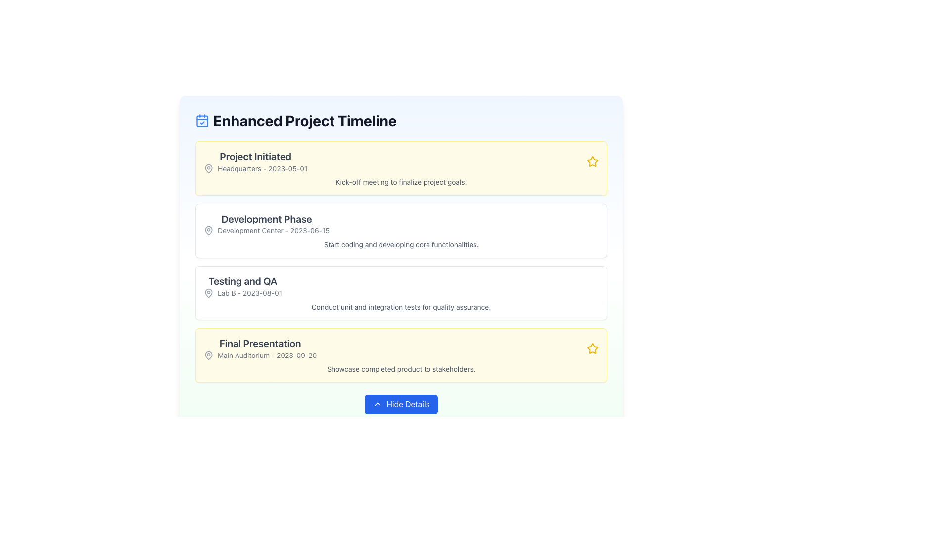 This screenshot has height=534, width=950. What do you see at coordinates (401, 293) in the screenshot?
I see `the third informational card in the project timeline, which provides details about a specific phase or event` at bounding box center [401, 293].